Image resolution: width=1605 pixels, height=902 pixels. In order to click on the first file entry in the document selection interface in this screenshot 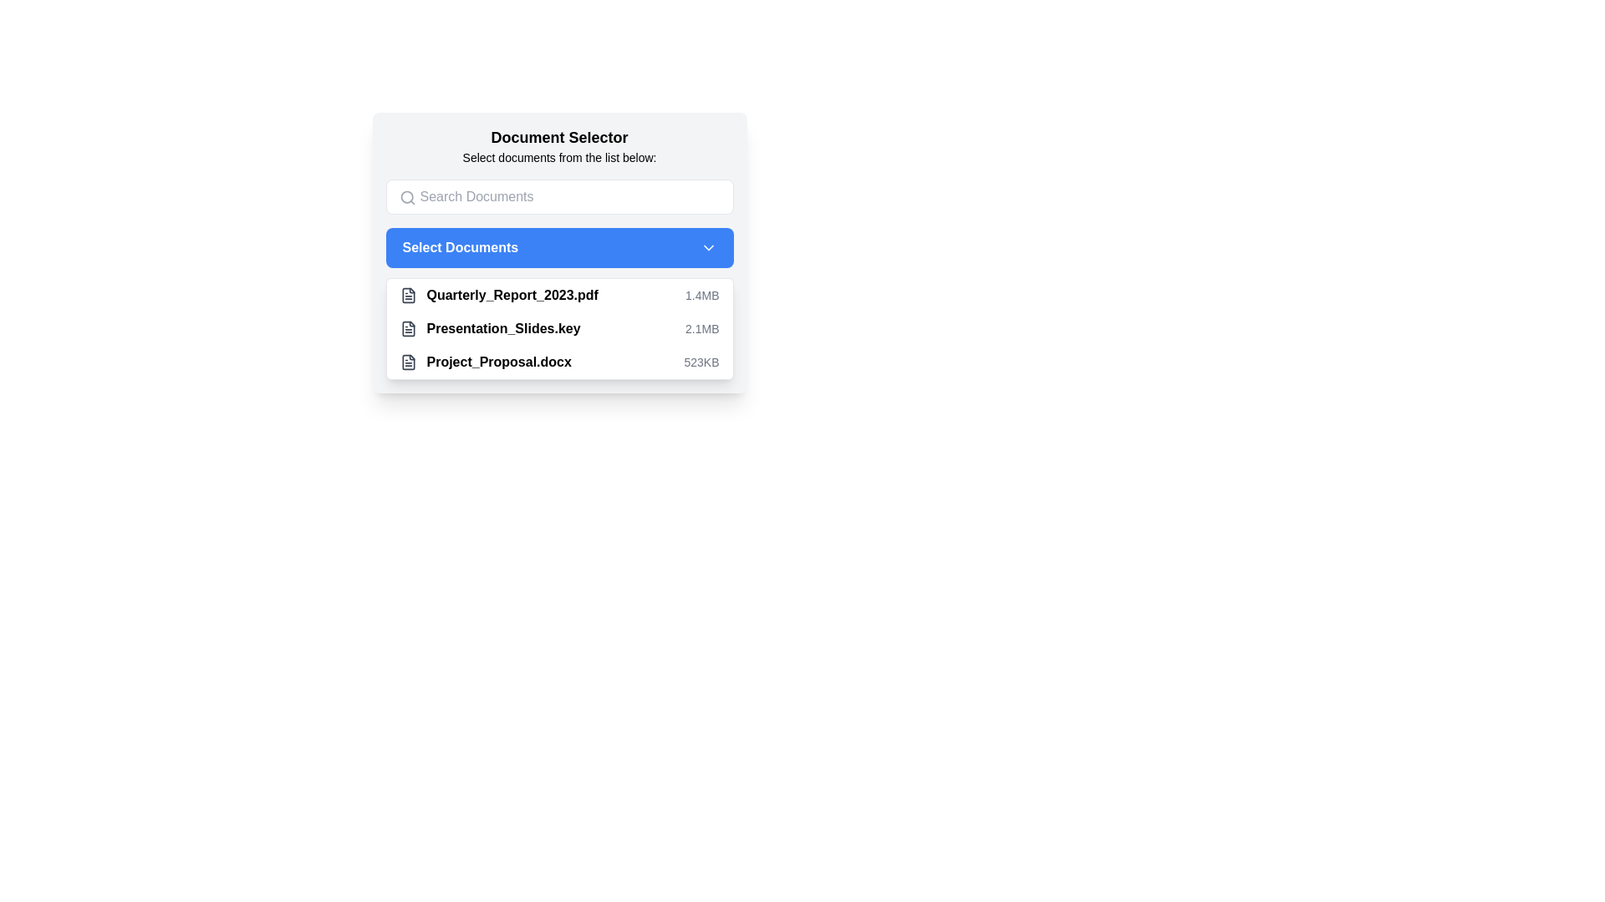, I will do `click(559, 295)`.